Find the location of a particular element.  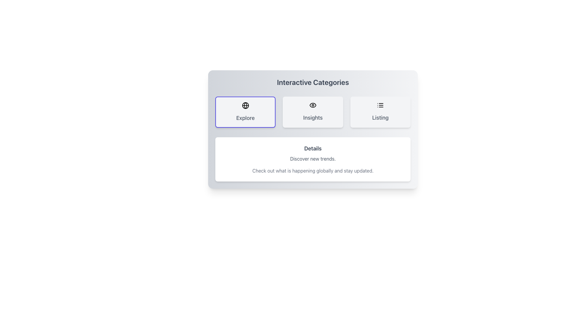

the 'Explore' icon located at the top-center position of the leftmost card, which symbolizes global exploration or discovery is located at coordinates (245, 105).